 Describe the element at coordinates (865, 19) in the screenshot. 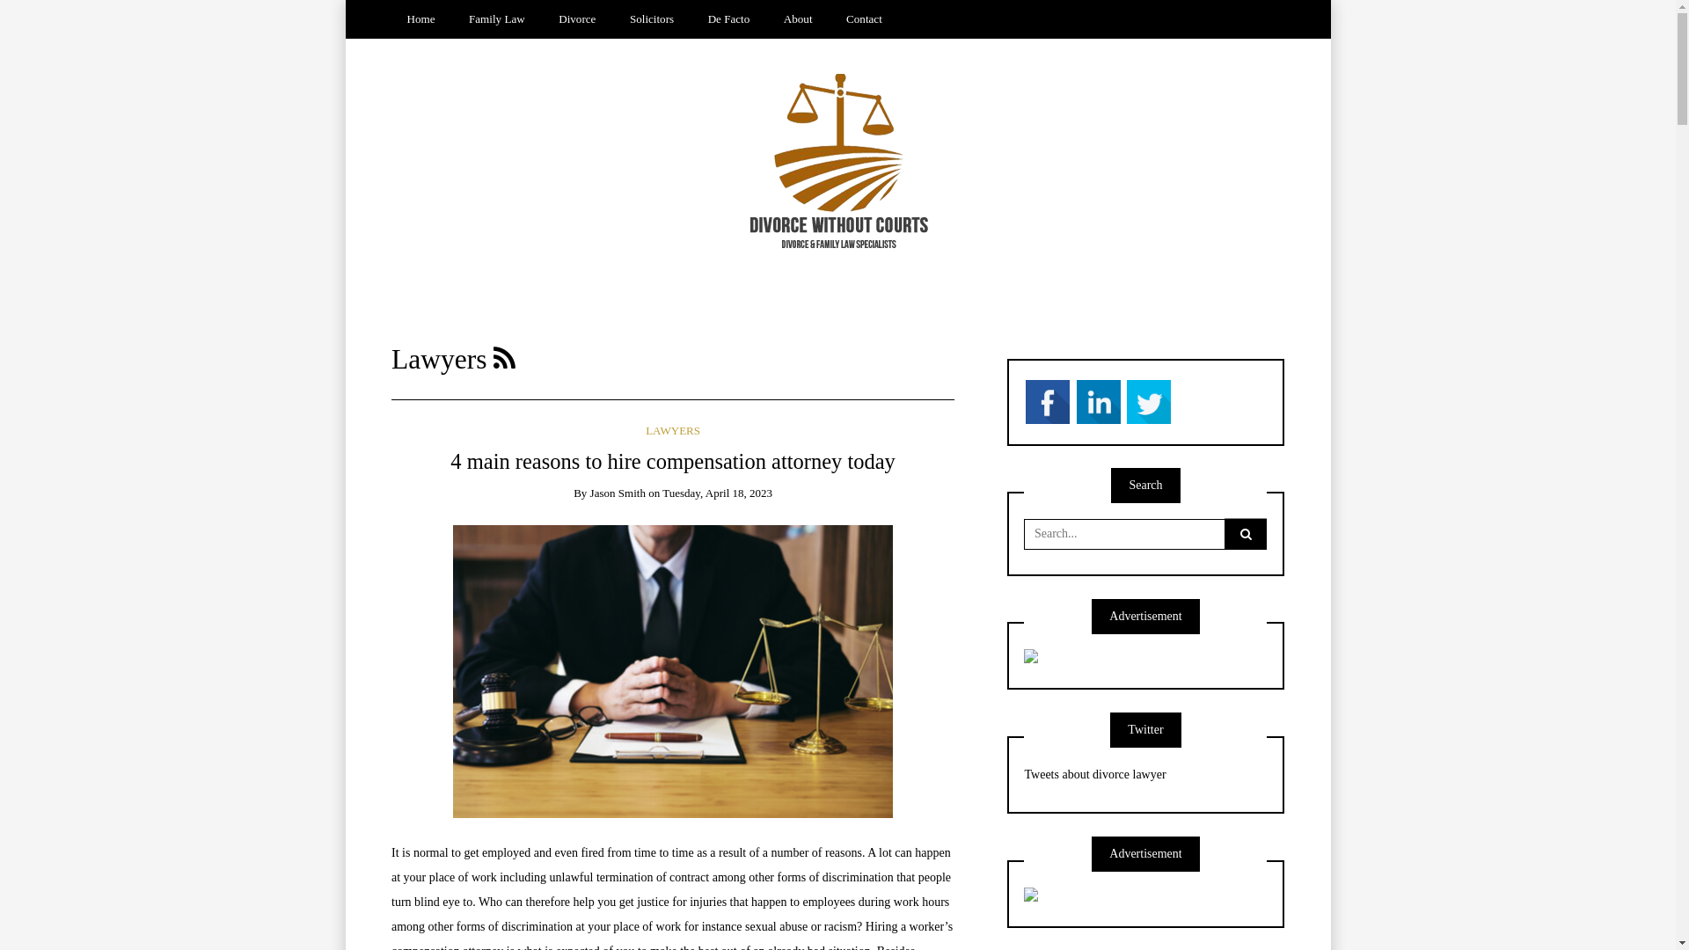

I see `'Contact'` at that location.